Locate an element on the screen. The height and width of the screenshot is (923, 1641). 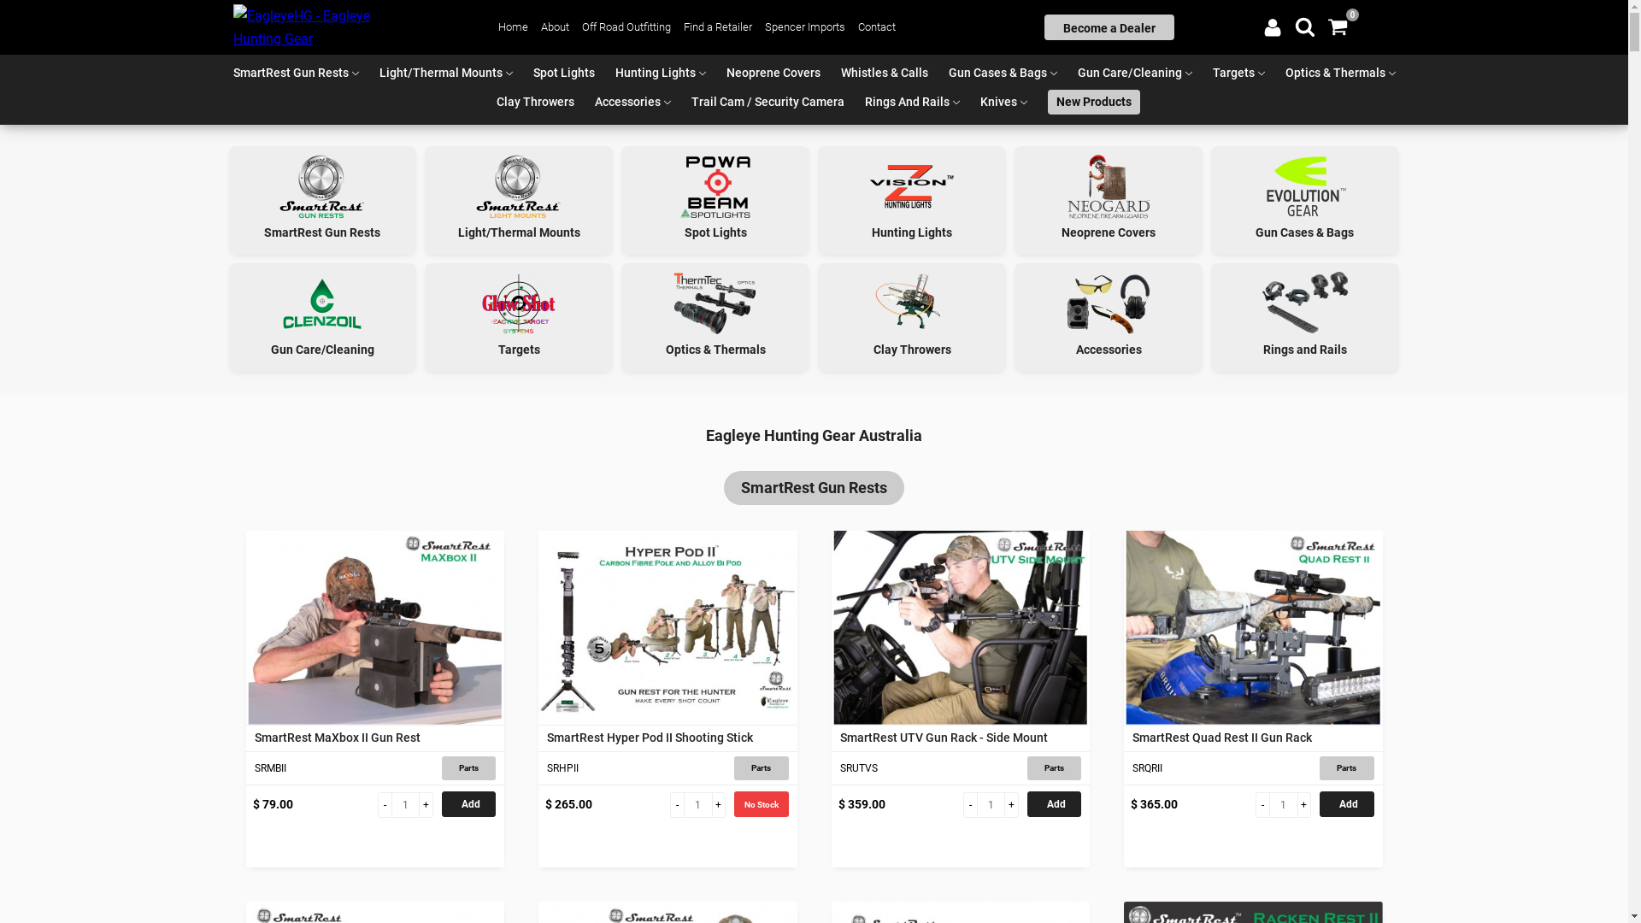
'Rings And Rails' is located at coordinates (856, 102).